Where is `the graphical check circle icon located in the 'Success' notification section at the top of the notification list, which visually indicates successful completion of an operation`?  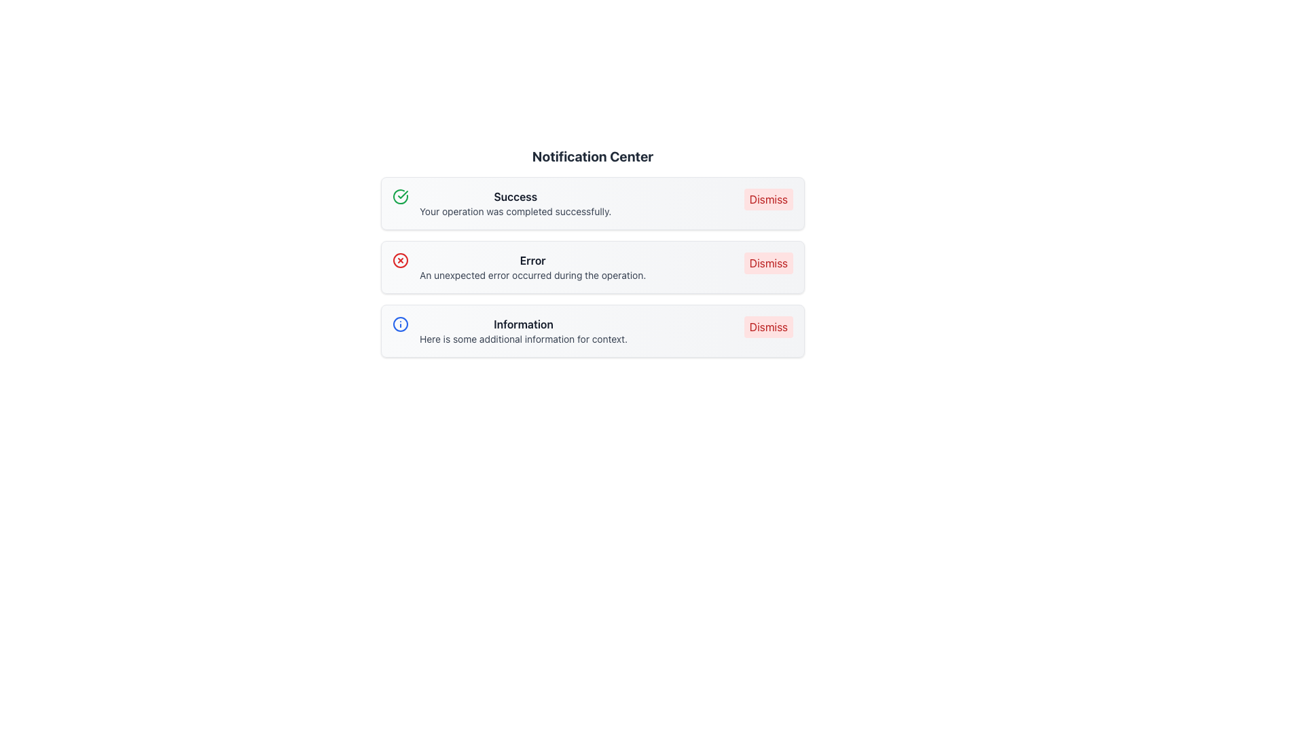
the graphical check circle icon located in the 'Success' notification section at the top of the notification list, which visually indicates successful completion of an operation is located at coordinates (400, 196).